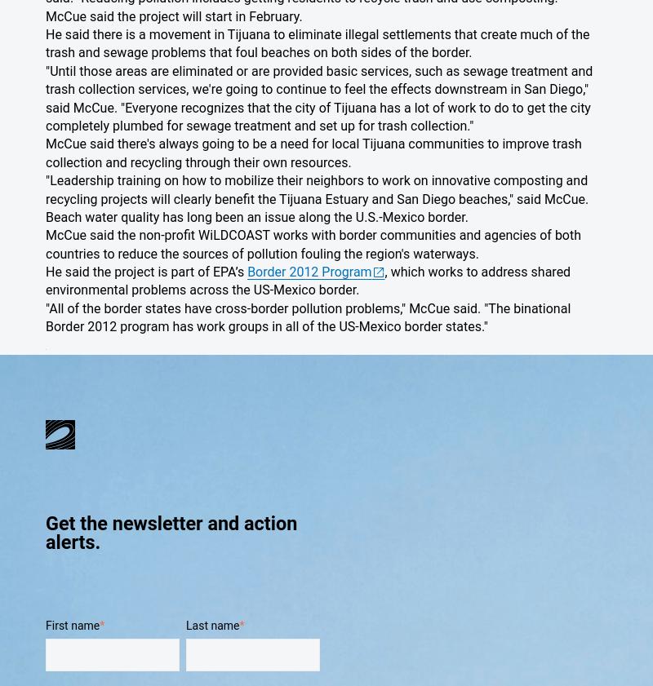  What do you see at coordinates (211, 624) in the screenshot?
I see `'Last name'` at bounding box center [211, 624].